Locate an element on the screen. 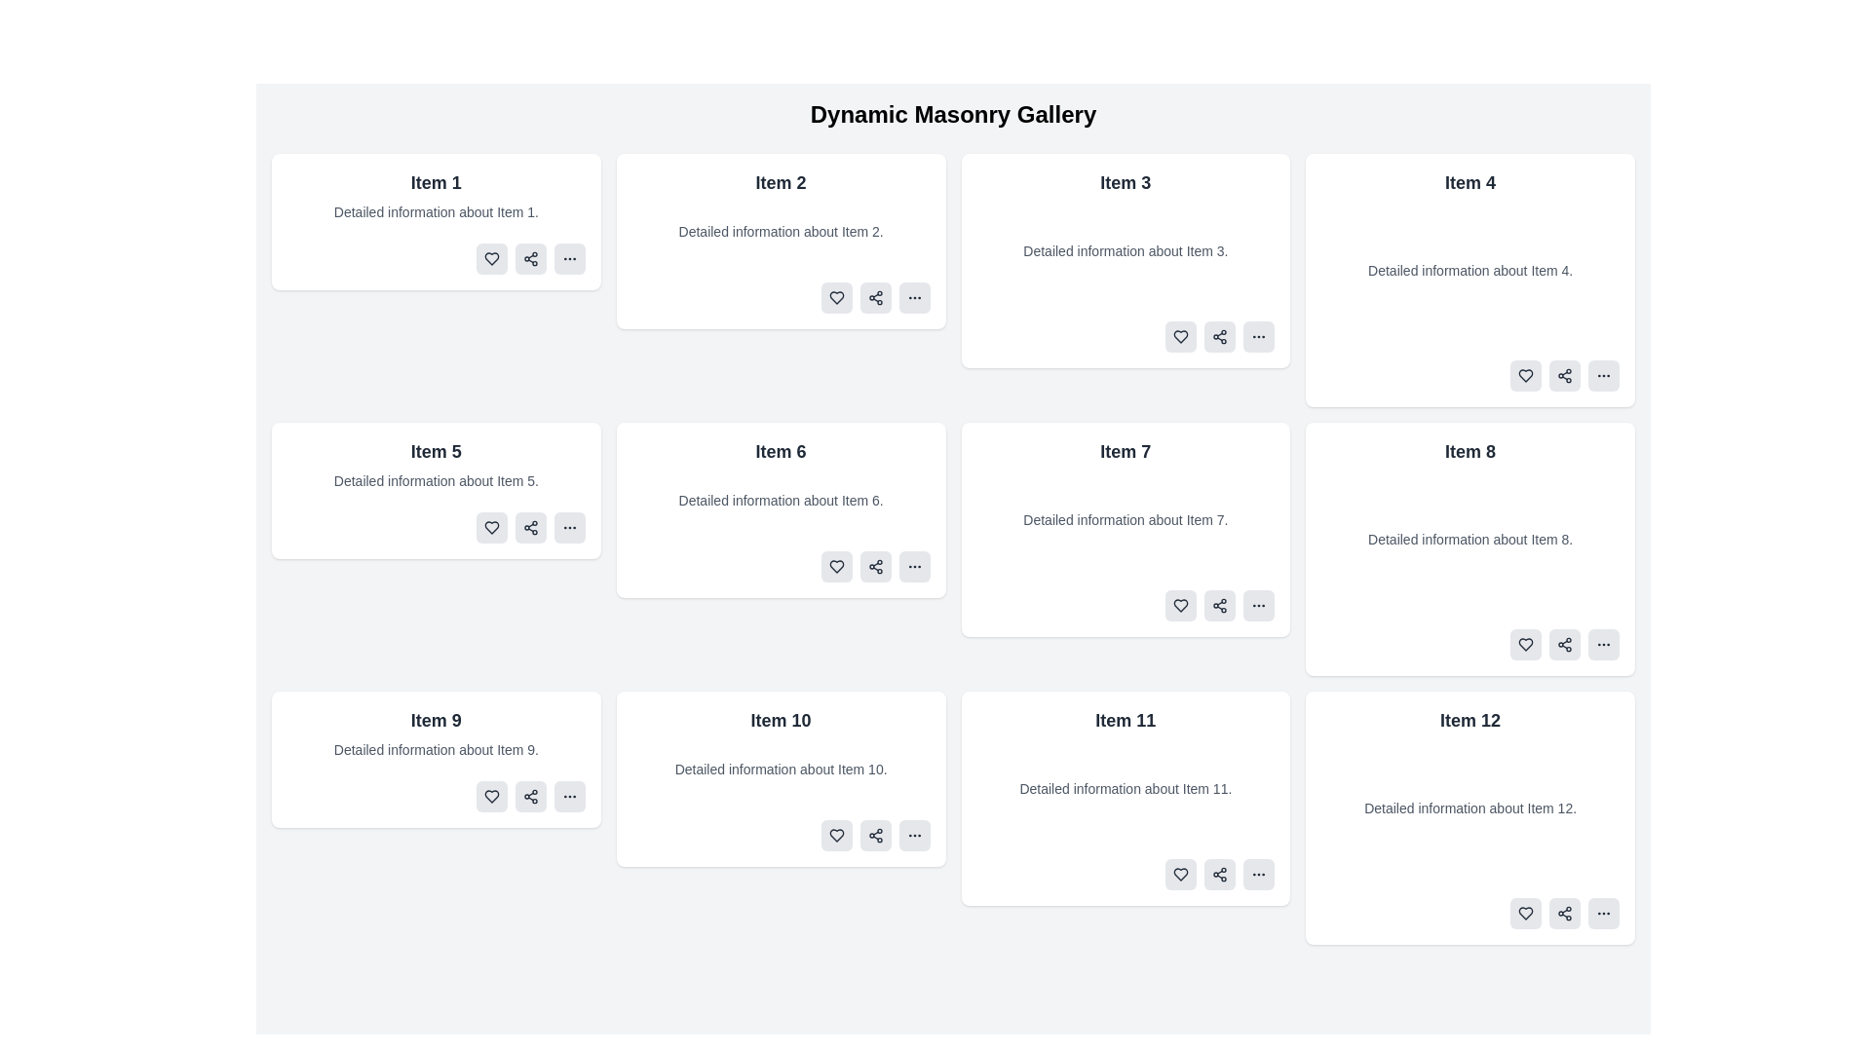  the heart icon button located in the first item box of the grid layout is located at coordinates (491, 258).